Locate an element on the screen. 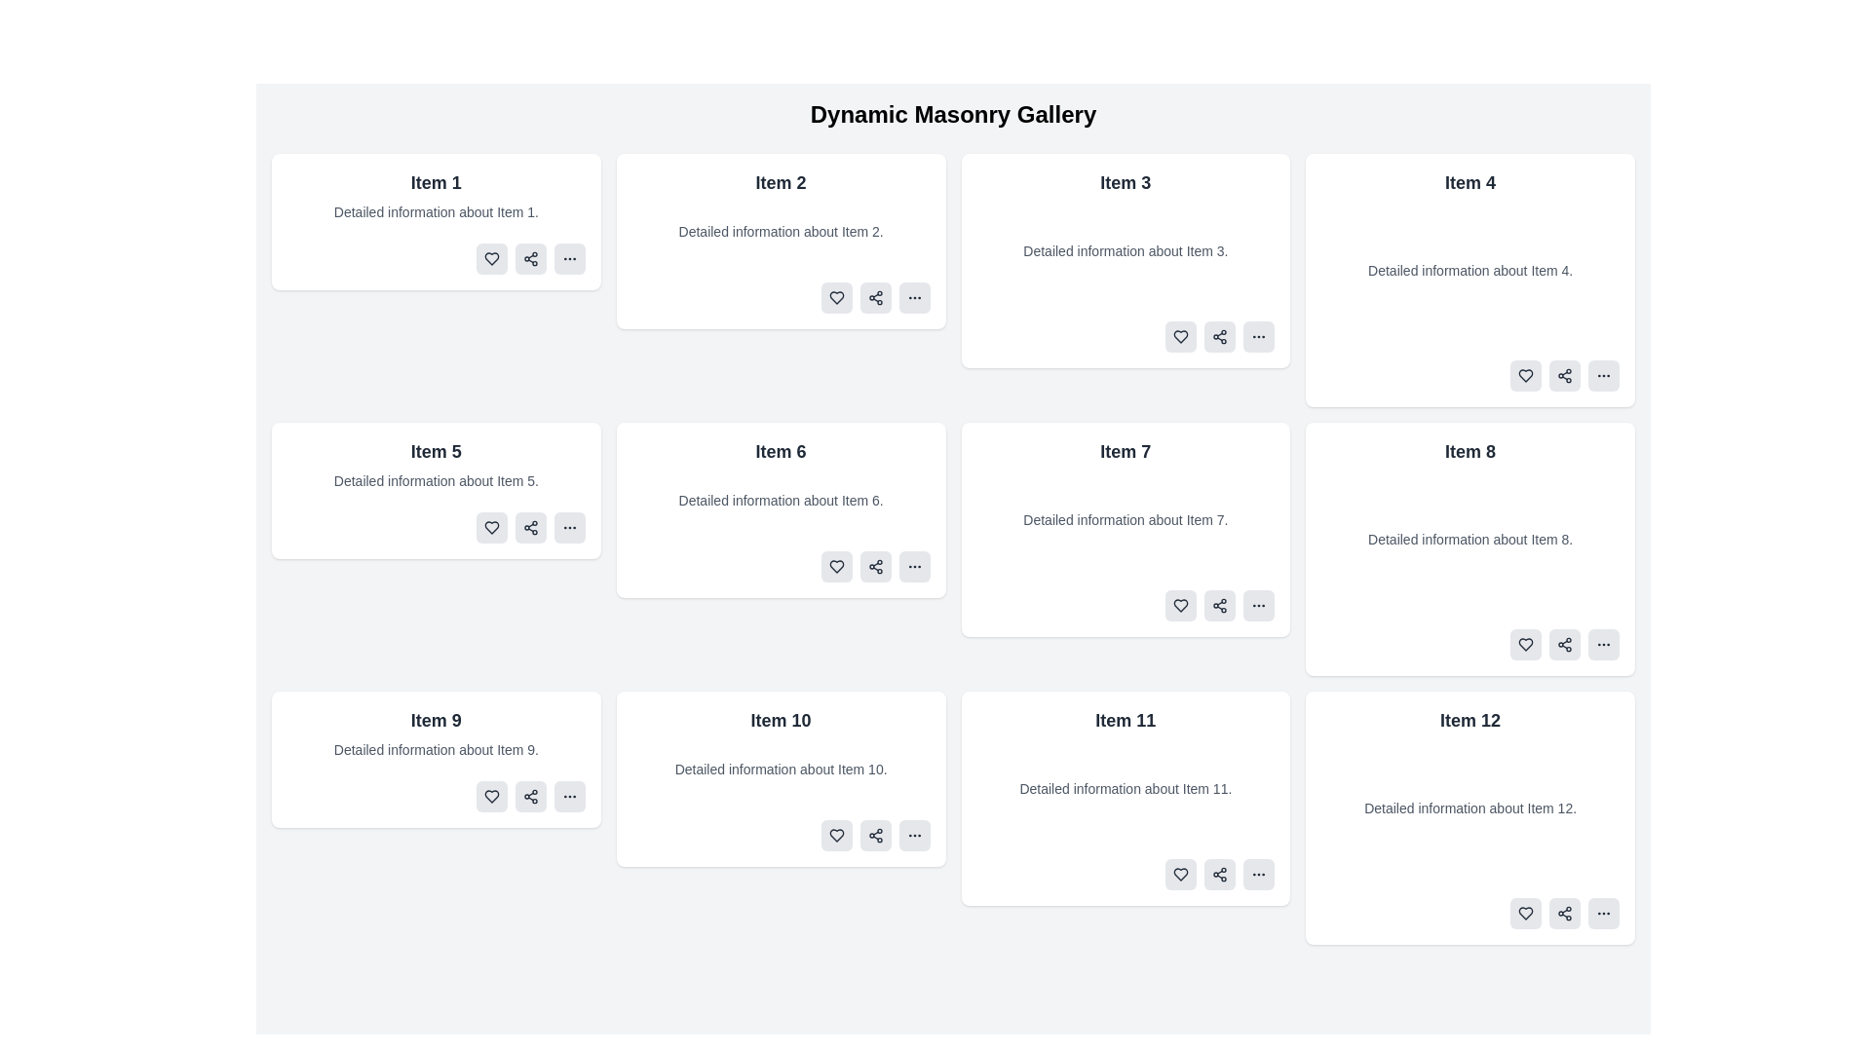  the heart icon button located in the first item box of the grid layout is located at coordinates (491, 258).